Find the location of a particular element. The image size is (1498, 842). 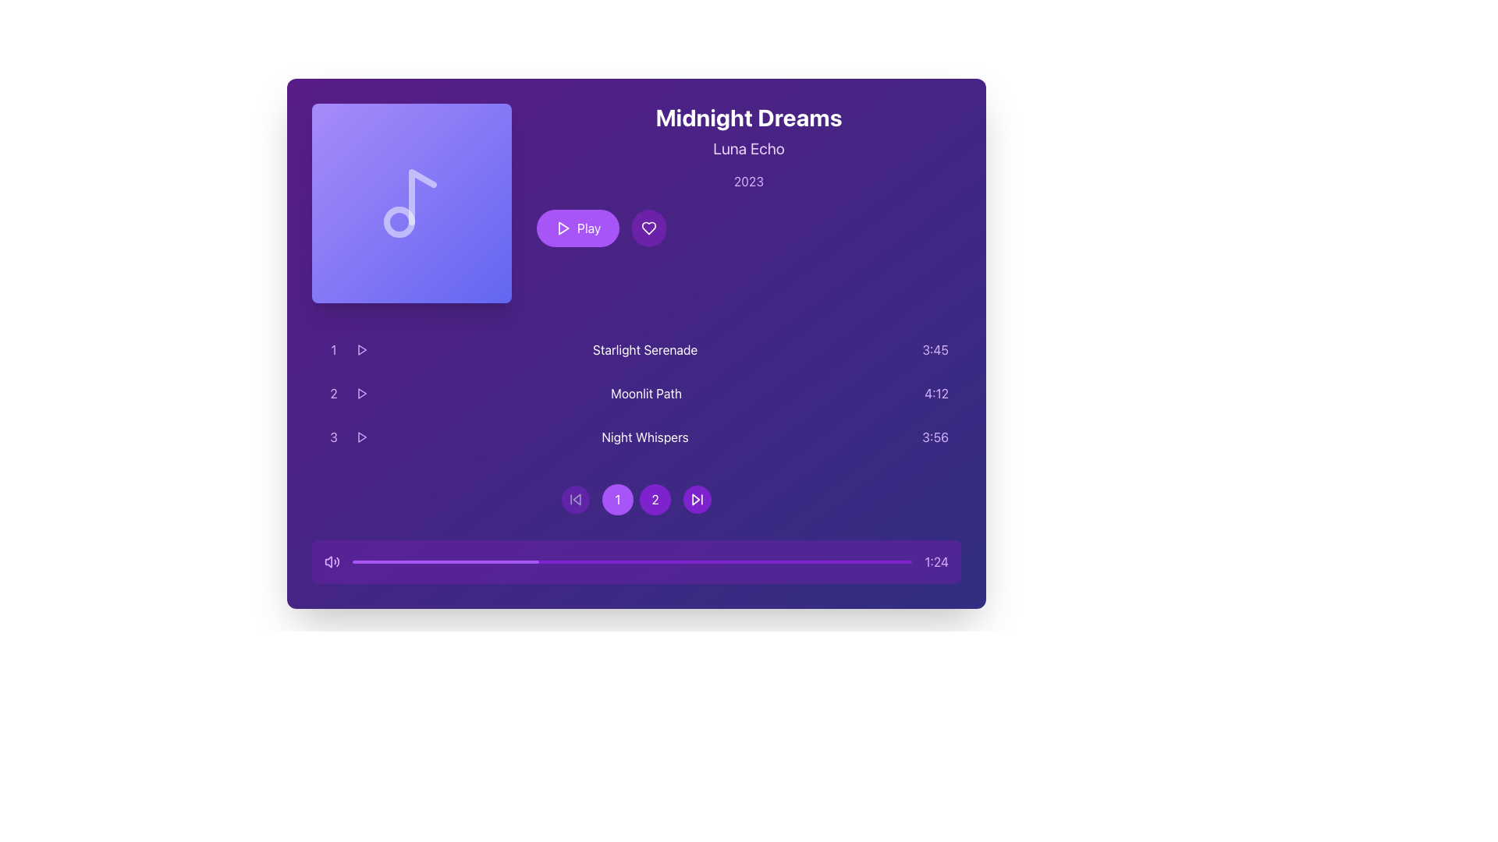

the play button for the second track is located at coordinates (361, 393).